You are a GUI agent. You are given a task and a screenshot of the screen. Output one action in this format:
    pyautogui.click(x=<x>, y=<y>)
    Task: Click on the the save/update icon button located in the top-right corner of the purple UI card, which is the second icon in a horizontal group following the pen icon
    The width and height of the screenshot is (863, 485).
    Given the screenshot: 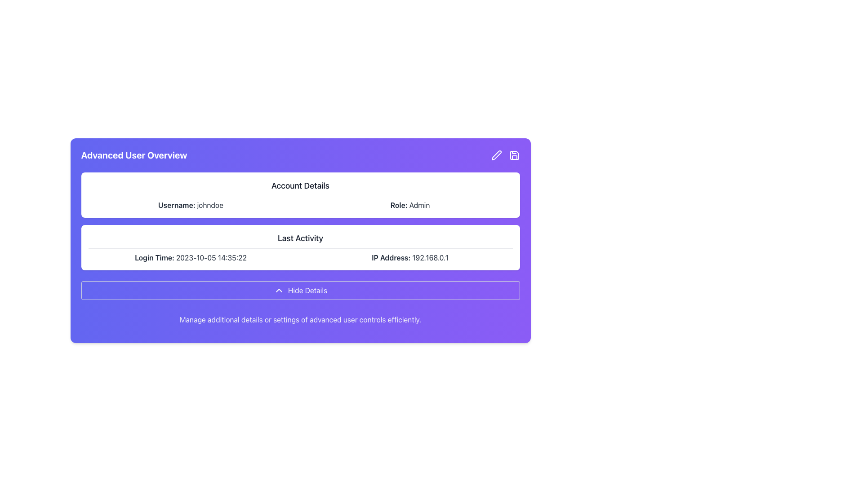 What is the action you would take?
    pyautogui.click(x=514, y=155)
    